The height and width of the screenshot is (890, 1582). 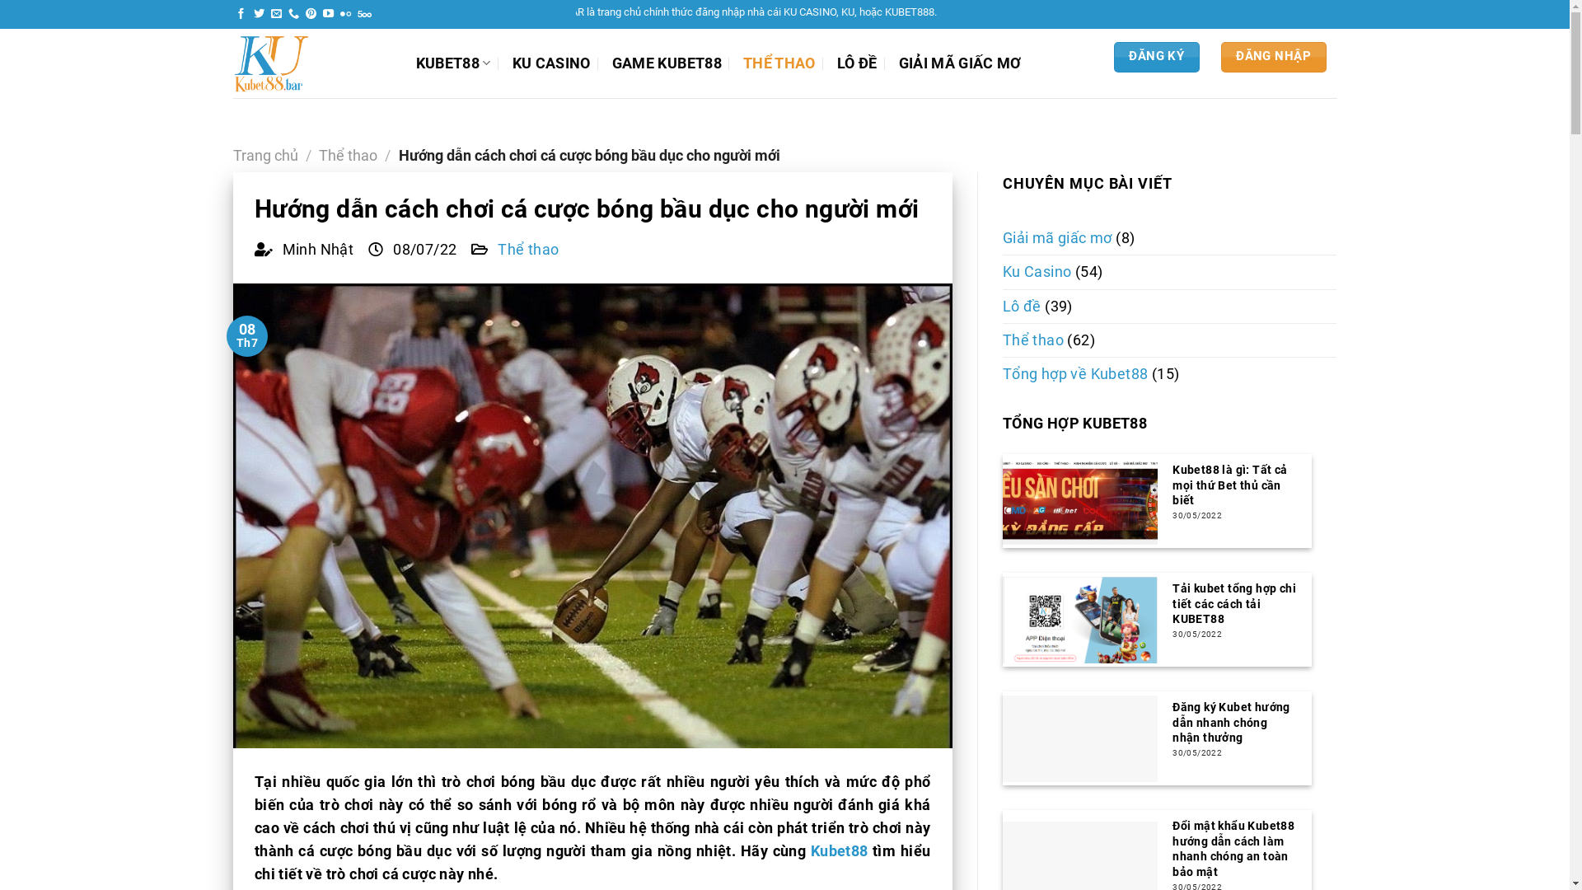 I want to click on 'Ku Casino', so click(x=1036, y=271).